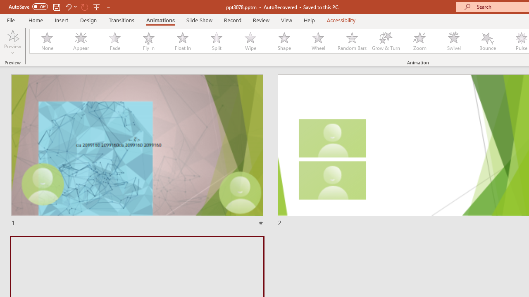 The image size is (529, 297). What do you see at coordinates (114, 41) in the screenshot?
I see `'Fade'` at bounding box center [114, 41].